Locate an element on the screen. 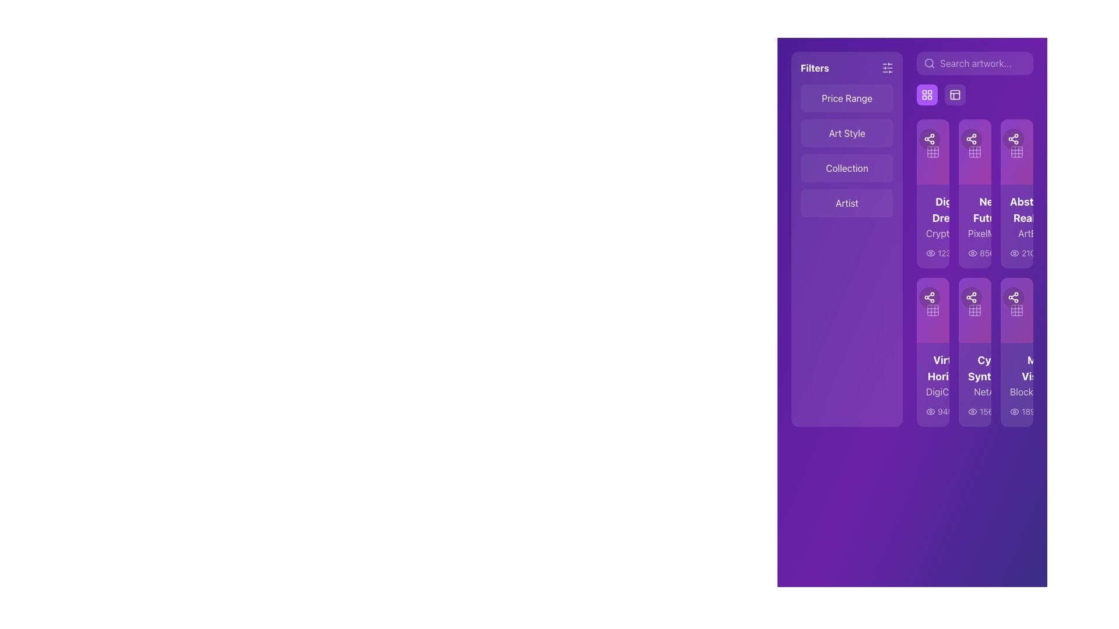 Image resolution: width=1119 pixels, height=629 pixels. the vertical card with a purple background displaying 'Neon Futures' and 'PixelMaster' text, located in the right panel of the interface as the second card in the first row is located at coordinates (975, 227).